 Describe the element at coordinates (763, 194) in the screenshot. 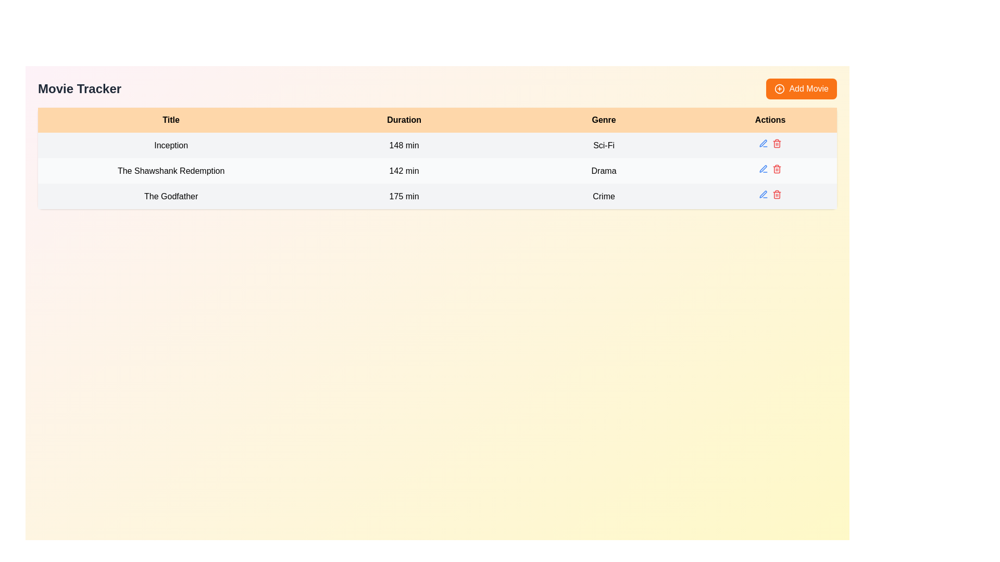

I see `the pen icon in the 'Actions' column of the third row in the table` at that location.